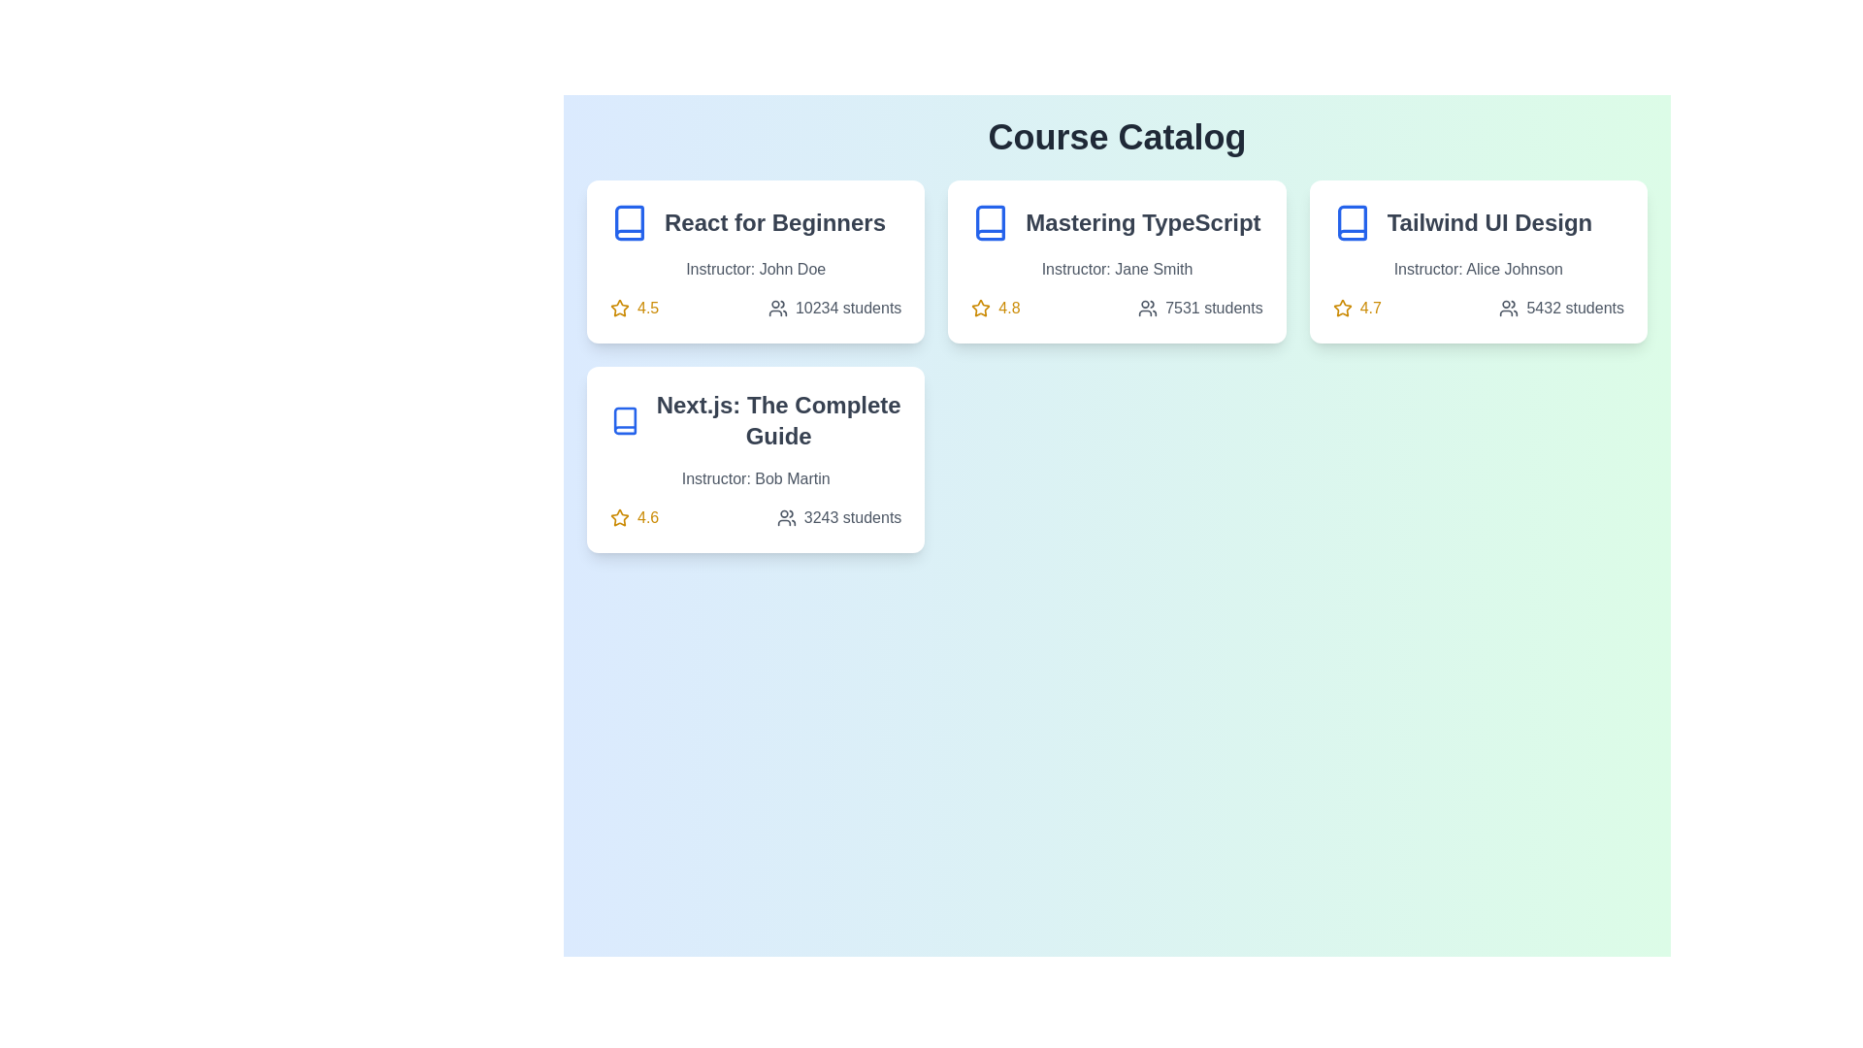 Image resolution: width=1863 pixels, height=1048 pixels. Describe the element at coordinates (1148, 307) in the screenshot. I see `the icon representing a group of individuals, which is located to the left of the text '7531 students' in the 'Mastering TypeScript' module of the course catalog` at that location.